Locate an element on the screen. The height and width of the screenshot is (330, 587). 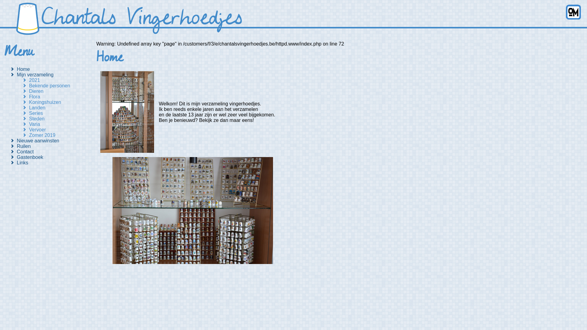
'Series' is located at coordinates (58, 113).